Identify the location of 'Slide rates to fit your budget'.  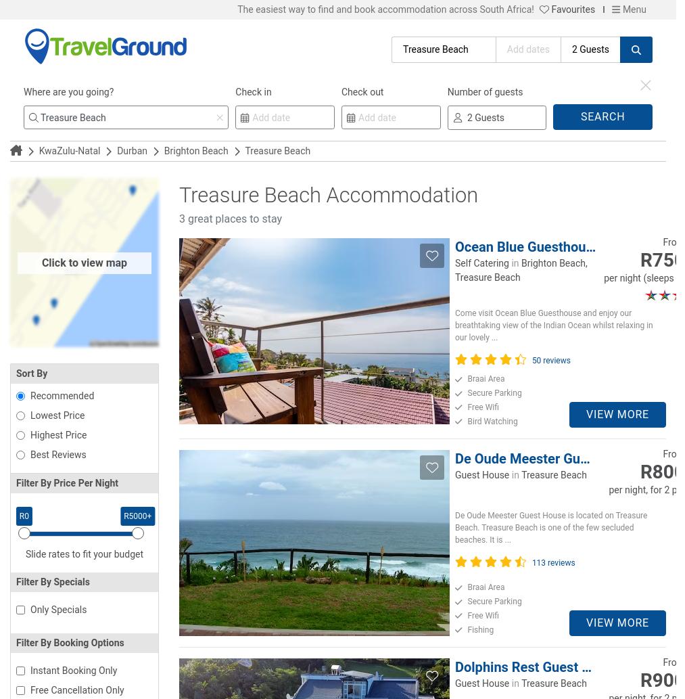
(24, 554).